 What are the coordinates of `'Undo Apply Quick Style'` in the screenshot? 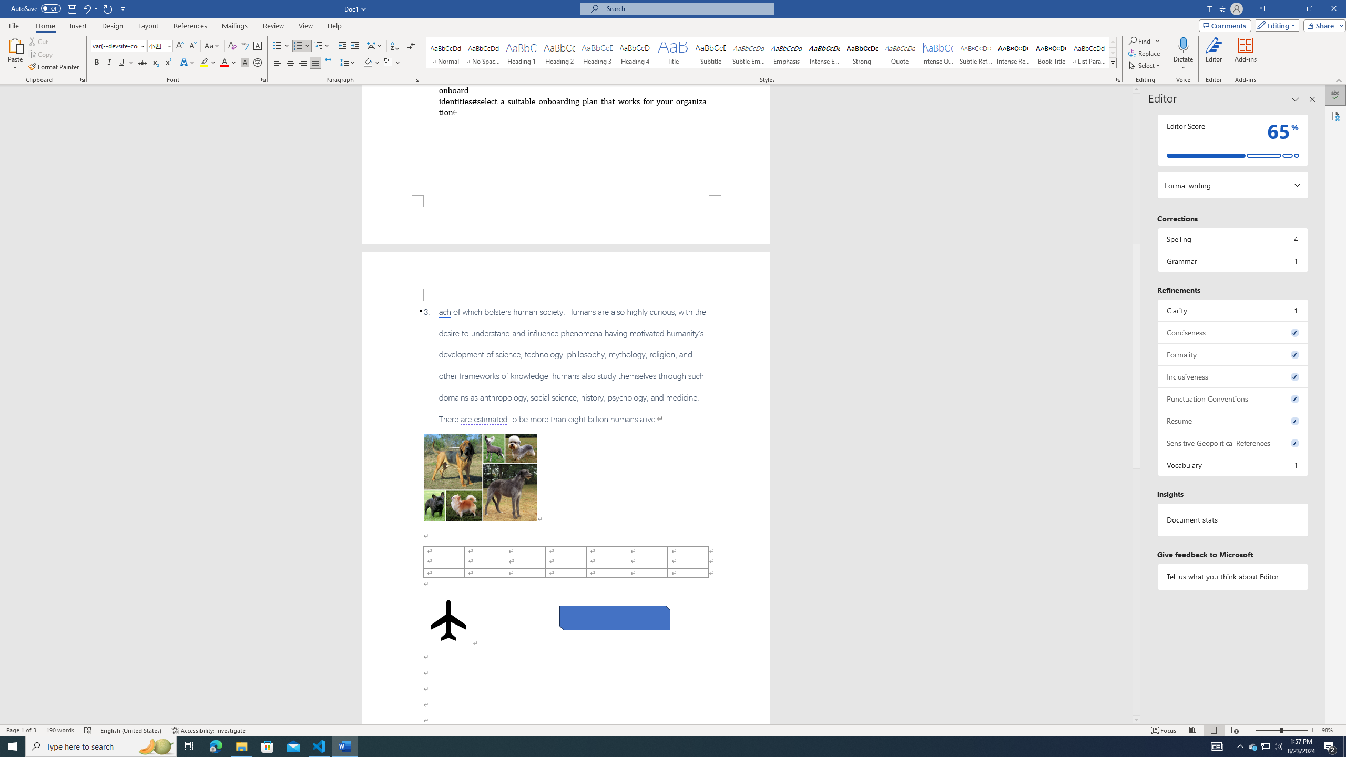 It's located at (86, 8).